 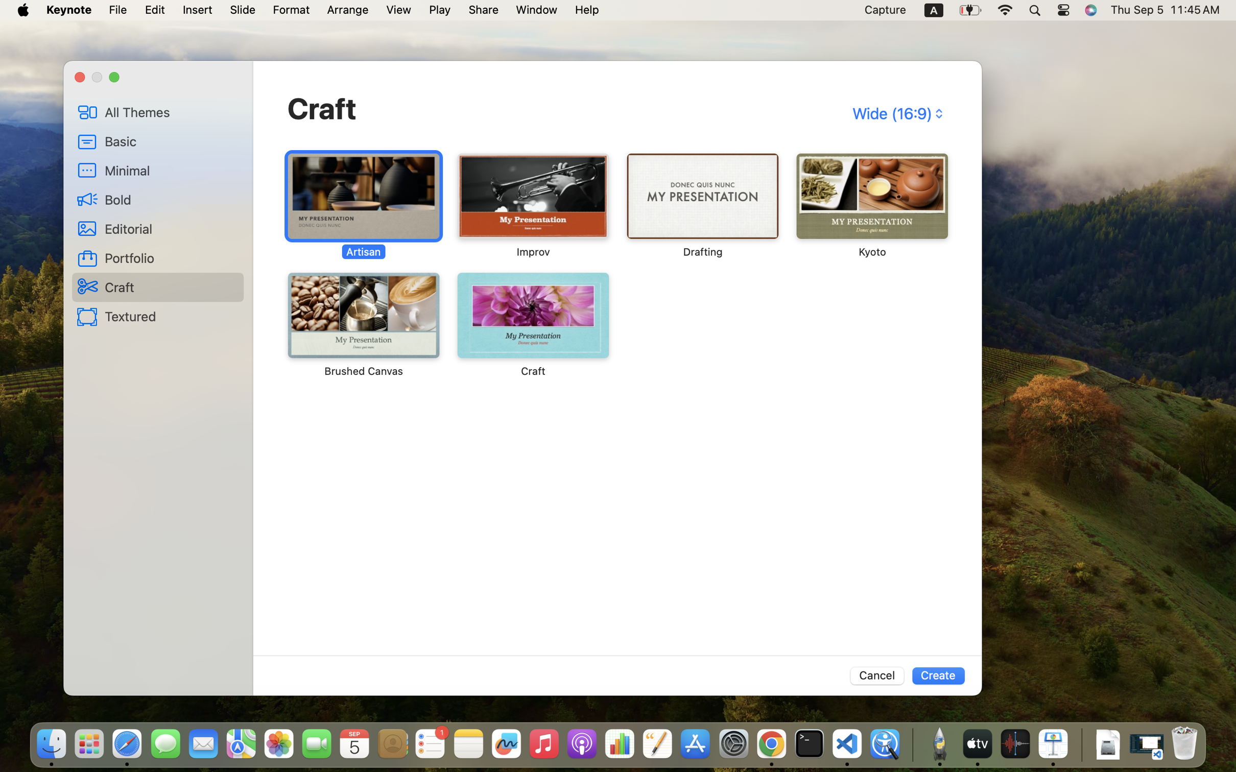 What do you see at coordinates (171, 141) in the screenshot?
I see `'Basic'` at bounding box center [171, 141].